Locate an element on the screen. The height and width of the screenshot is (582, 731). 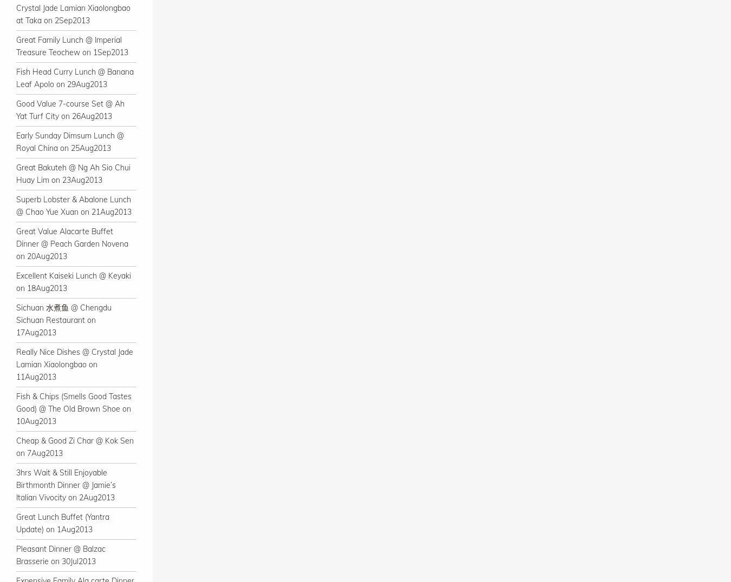
'Fish & Chips (Smells Good Tastes Good) @ The Old Brown Shoe on 10Aug2013' is located at coordinates (15, 408).